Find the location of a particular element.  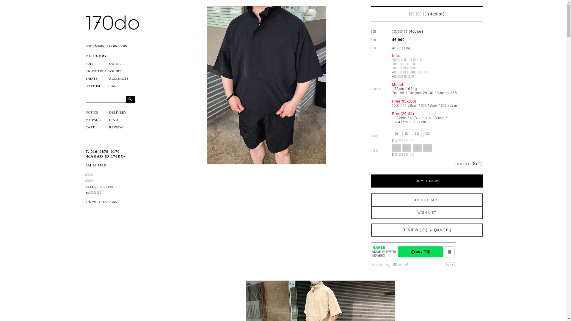

'CART' is located at coordinates (90, 127).